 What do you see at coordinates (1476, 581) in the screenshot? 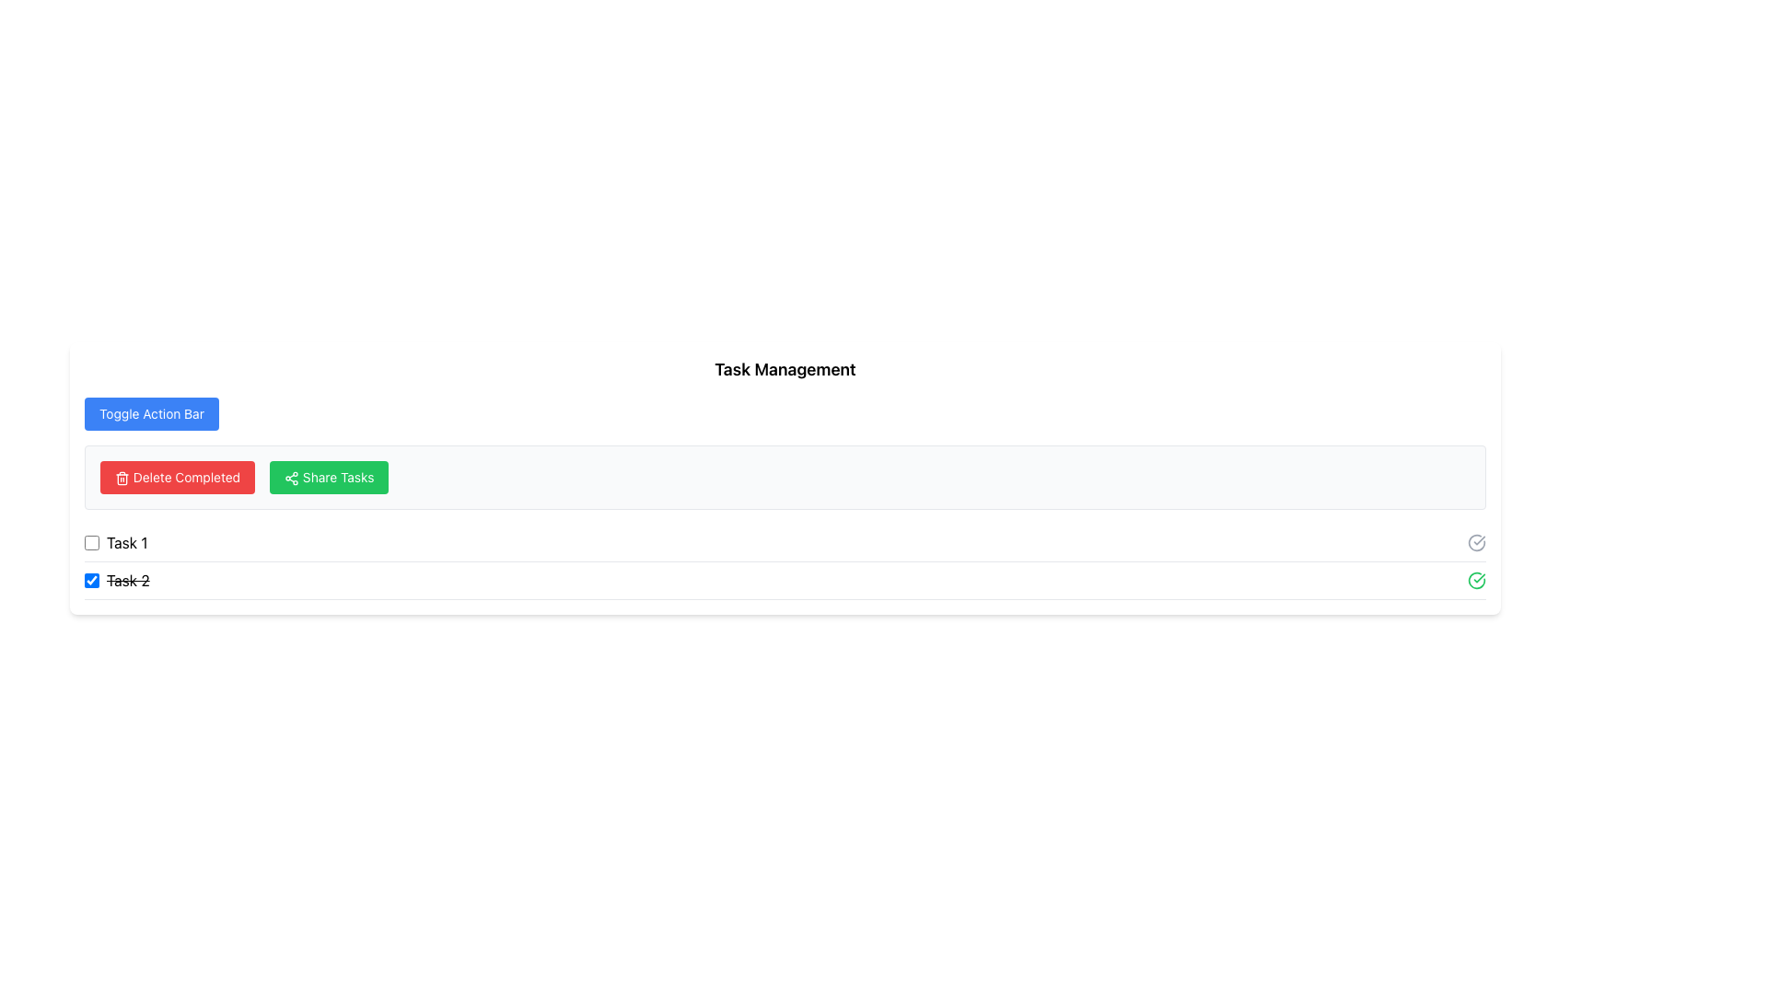
I see `the green circular icon with a check mark at the far right of the row labeled 'Task 2' to indicate task completion` at bounding box center [1476, 581].